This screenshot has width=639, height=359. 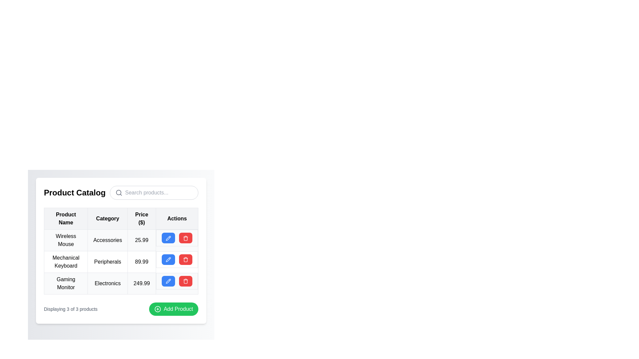 What do you see at coordinates (141, 283) in the screenshot?
I see `the text label displaying '249.99' in the 'Price ($)' column for the 'Gaming Monitor' product, which is styled in a tabular format and has a white background with black text` at bounding box center [141, 283].